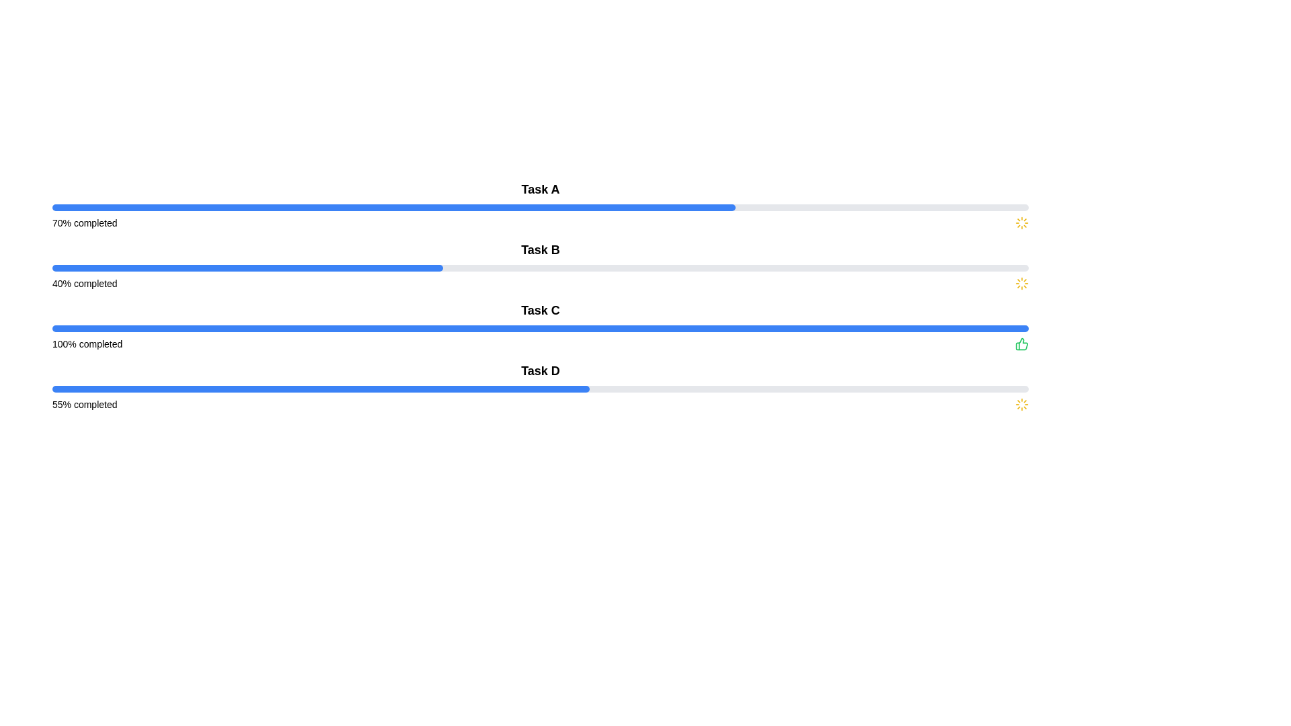 This screenshot has height=726, width=1291. Describe the element at coordinates (247, 268) in the screenshot. I see `the progress bar representing 'Task B', which visually indicates 40% completion and is the second progress bar from the top` at that location.